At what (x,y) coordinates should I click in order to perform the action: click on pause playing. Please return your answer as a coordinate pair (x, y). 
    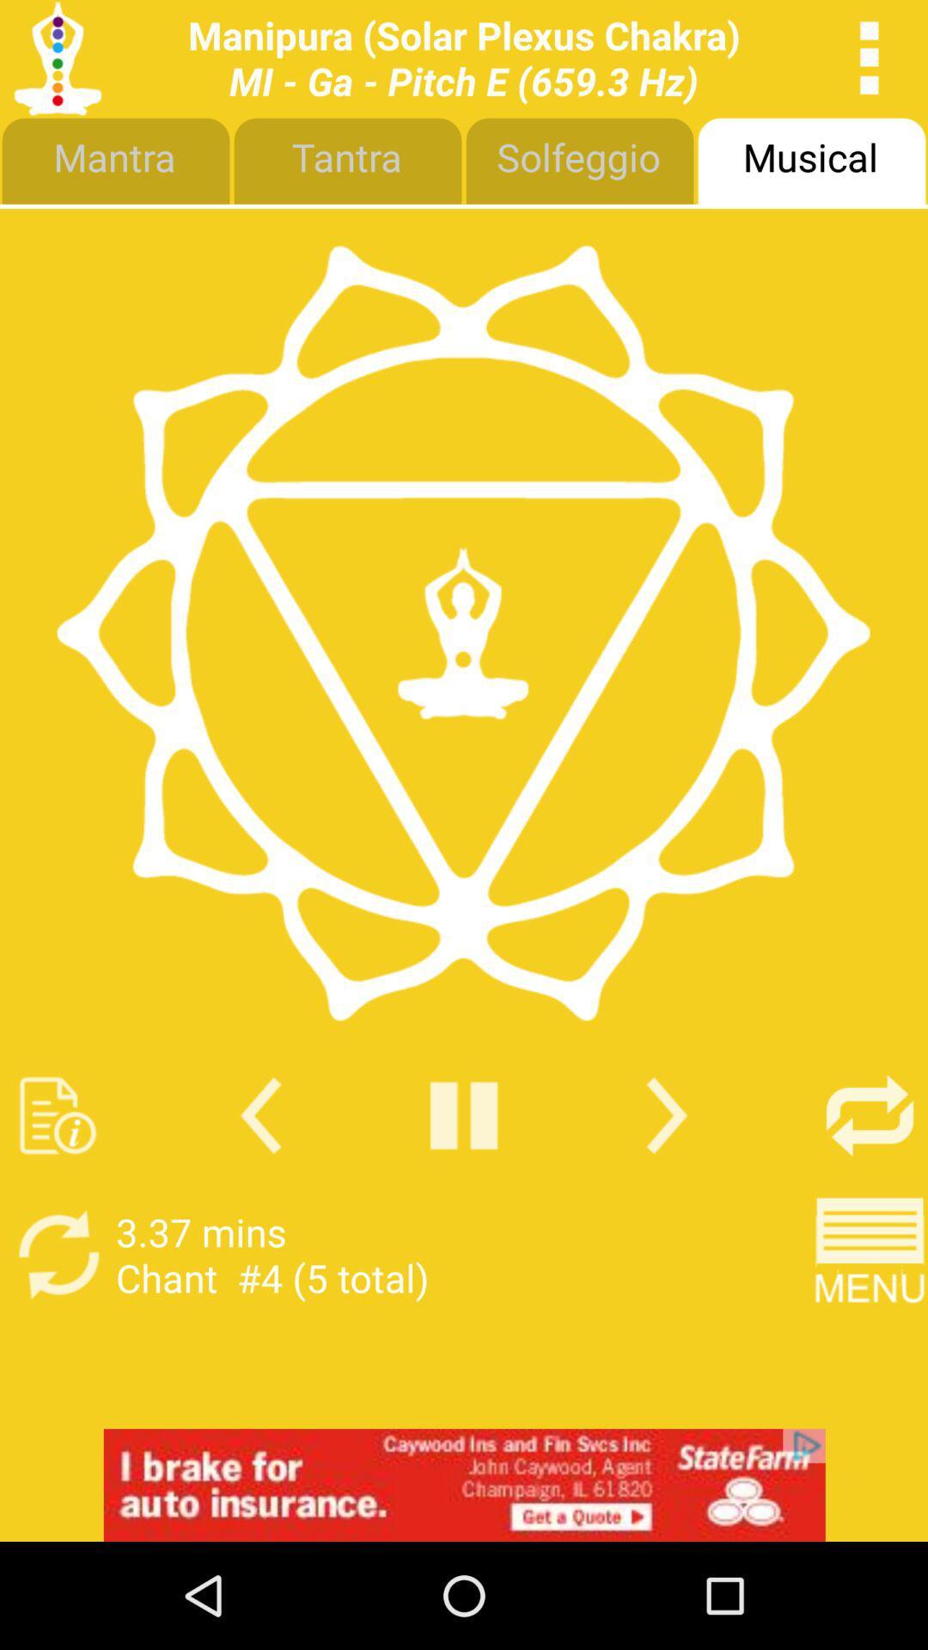
    Looking at the image, I should click on (464, 1115).